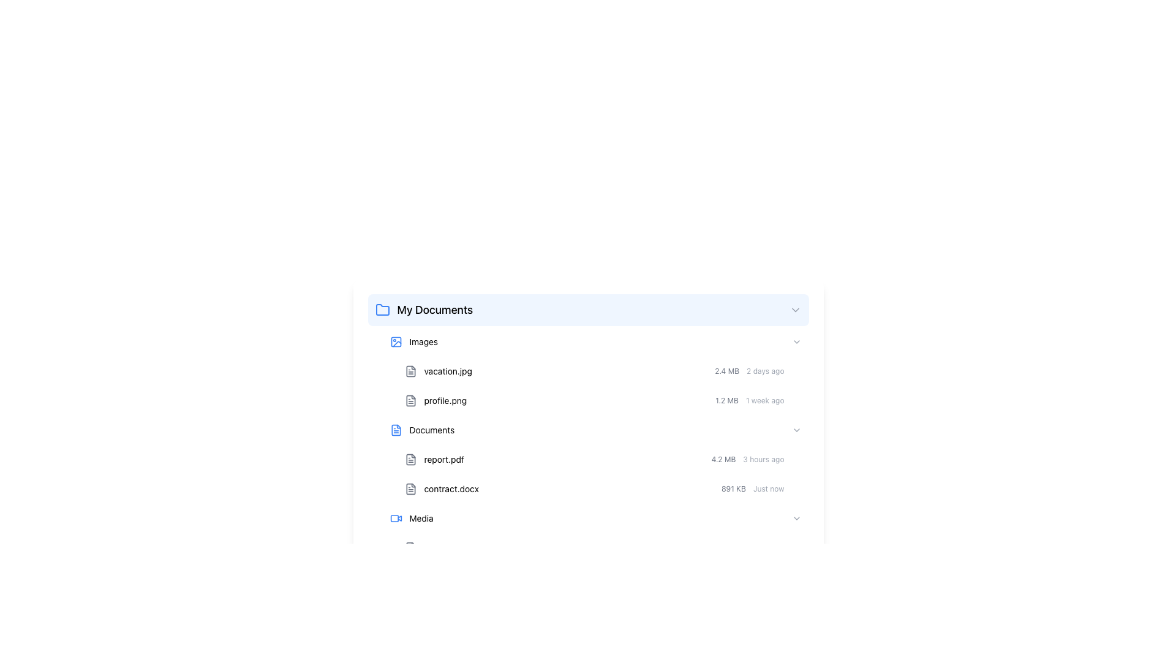  What do you see at coordinates (412, 518) in the screenshot?
I see `the 'Media' text and icon element located at the bottom of the 'Documents' section` at bounding box center [412, 518].